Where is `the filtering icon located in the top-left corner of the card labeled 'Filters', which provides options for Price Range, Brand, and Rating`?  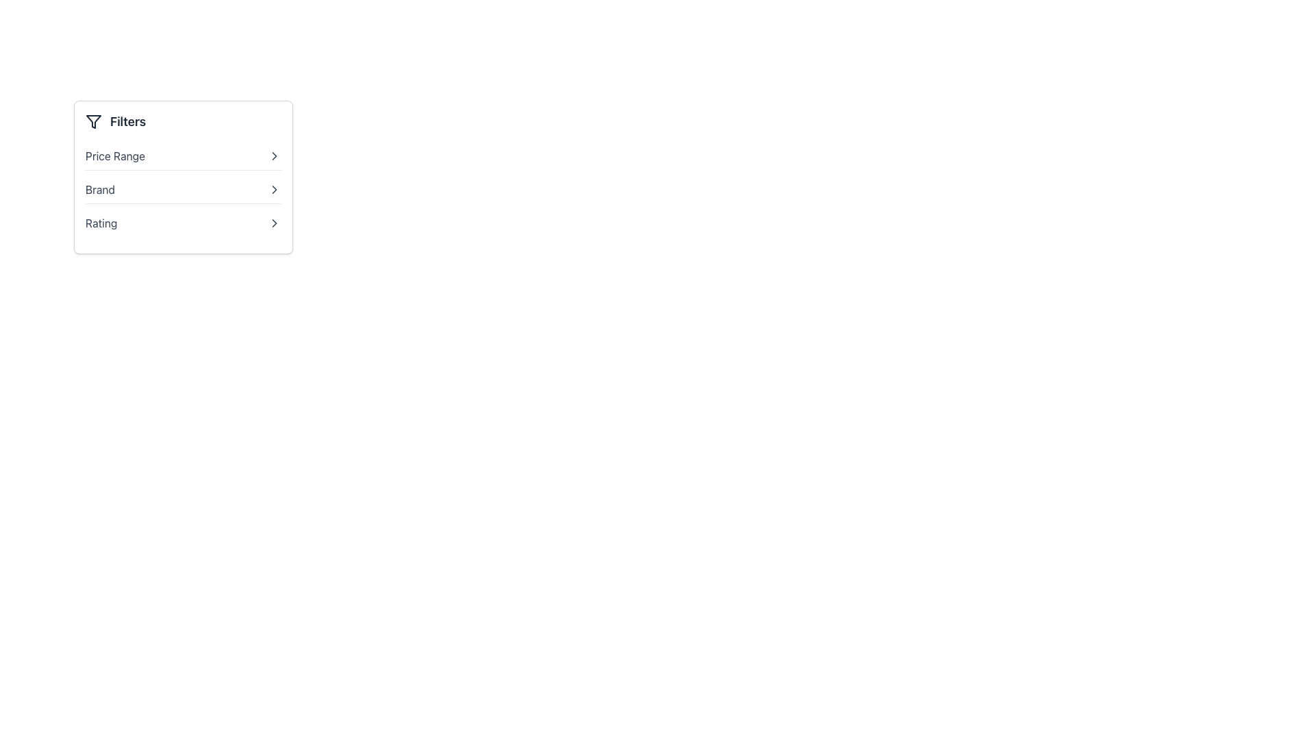
the filtering icon located in the top-left corner of the card labeled 'Filters', which provides options for Price Range, Brand, and Rating is located at coordinates (93, 121).